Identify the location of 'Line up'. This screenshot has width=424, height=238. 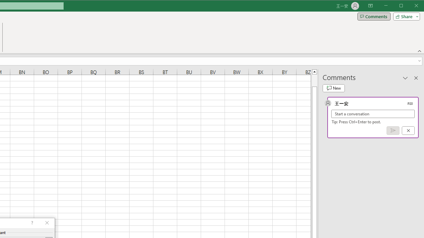
(314, 71).